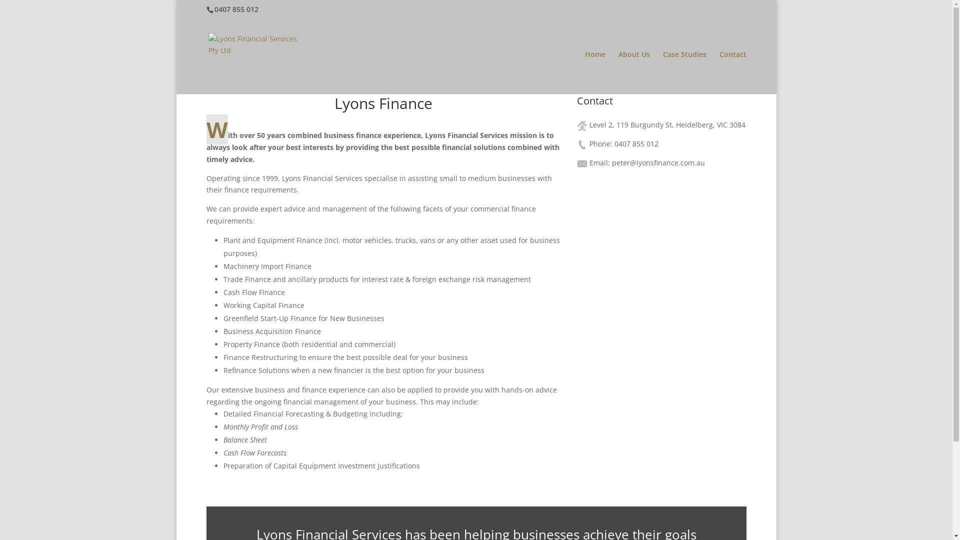 Image resolution: width=960 pixels, height=540 pixels. Describe the element at coordinates (684, 72) in the screenshot. I see `'Case Studies'` at that location.